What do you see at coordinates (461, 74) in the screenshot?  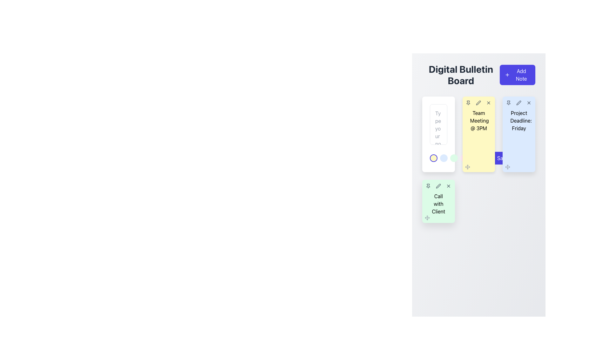 I see `text element that displays 'Digital Bulletin Board', which is bold, large, and centrally aligned at the top-left section of the layout` at bounding box center [461, 74].